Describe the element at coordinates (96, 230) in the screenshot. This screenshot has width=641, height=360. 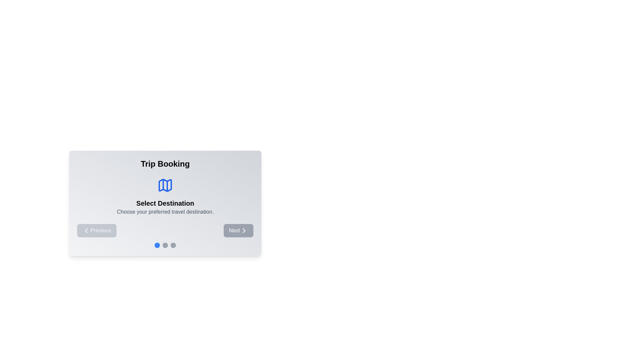
I see `the 'Previous' button with a rounded light gray background and white text` at that location.